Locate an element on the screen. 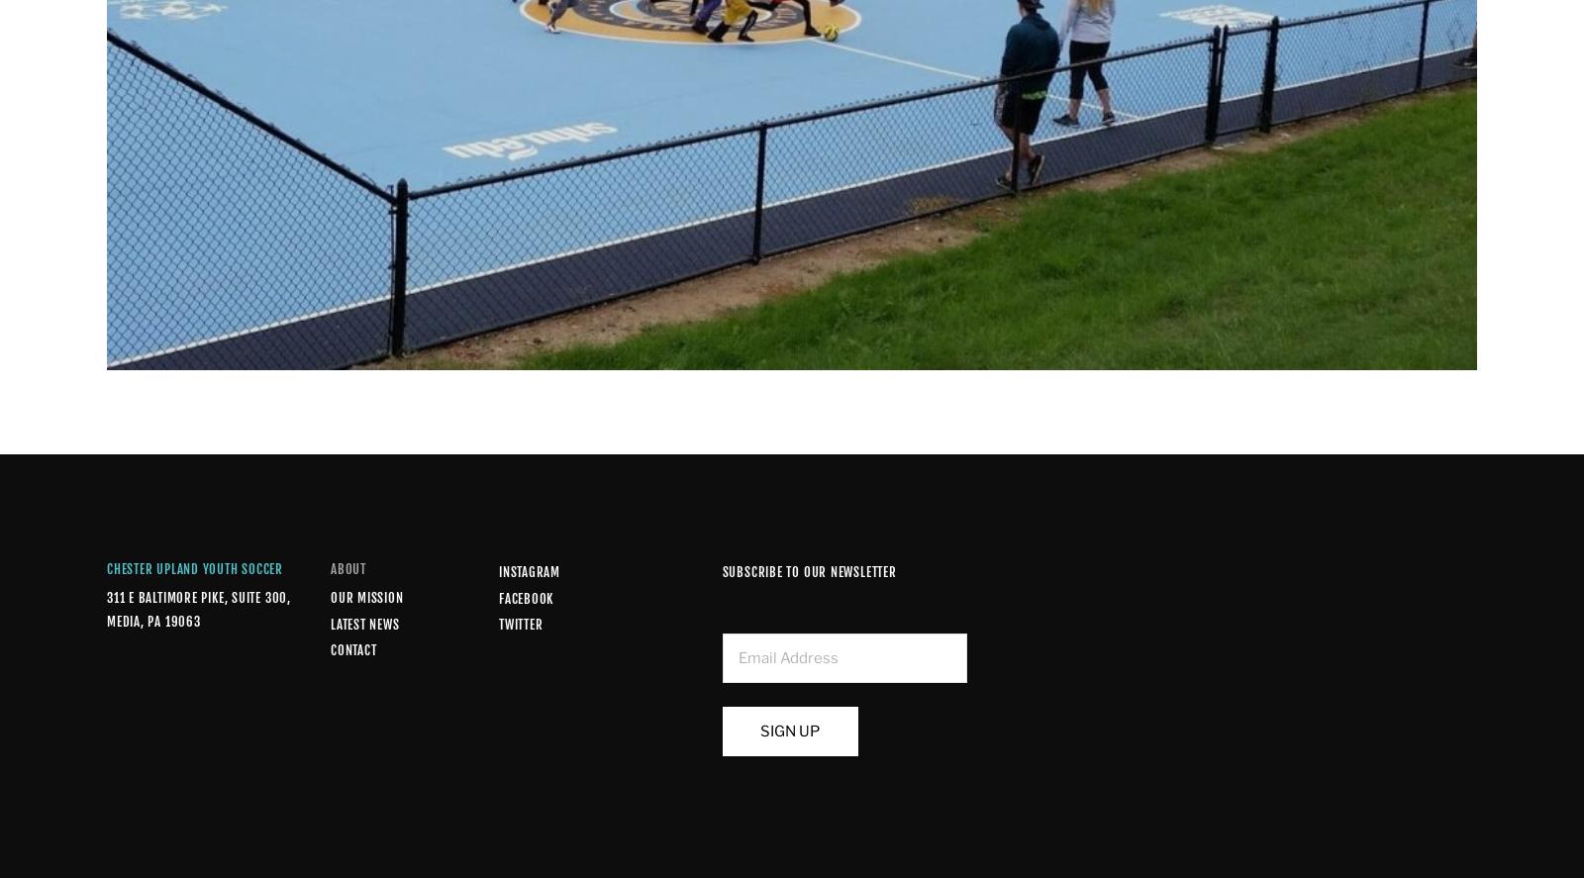  'Chester Upland Youth Soccer' is located at coordinates (193, 568).